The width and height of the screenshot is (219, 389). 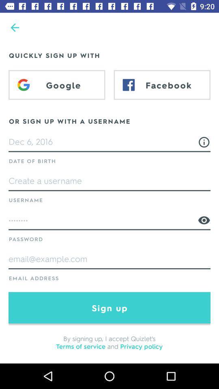 What do you see at coordinates (109, 342) in the screenshot?
I see `by signing up item` at bounding box center [109, 342].